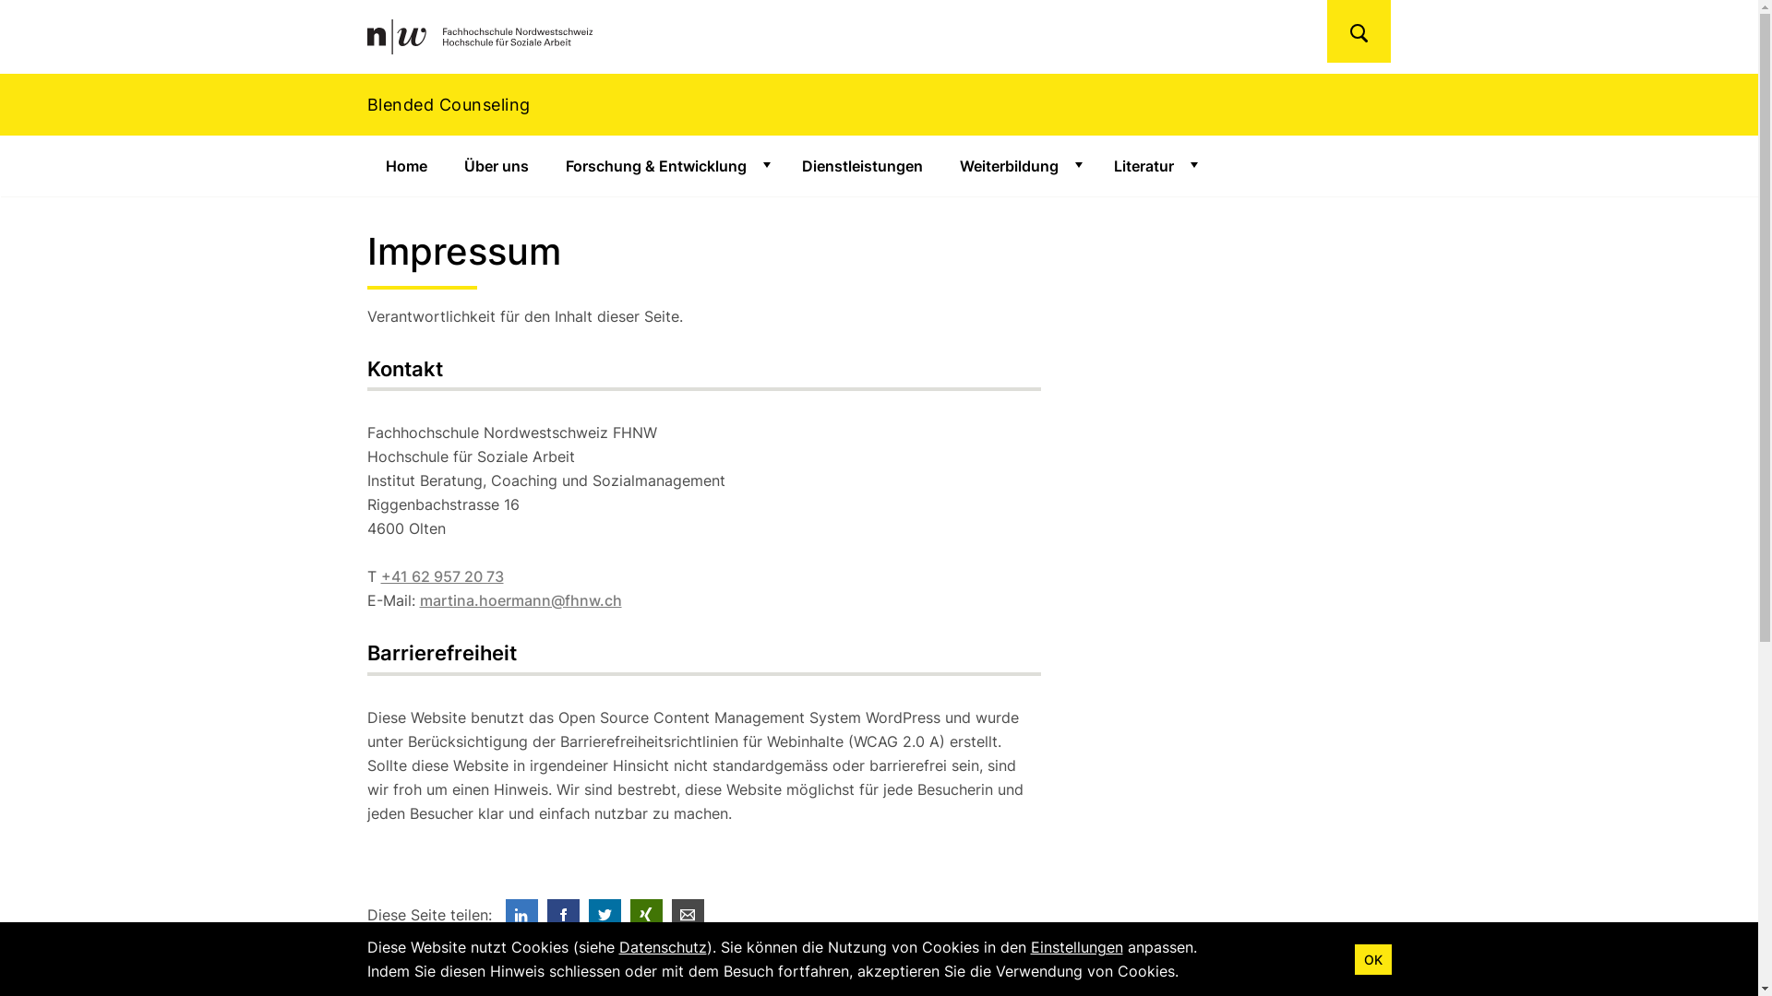  Describe the element at coordinates (860, 166) in the screenshot. I see `'Dienstleistungen'` at that location.